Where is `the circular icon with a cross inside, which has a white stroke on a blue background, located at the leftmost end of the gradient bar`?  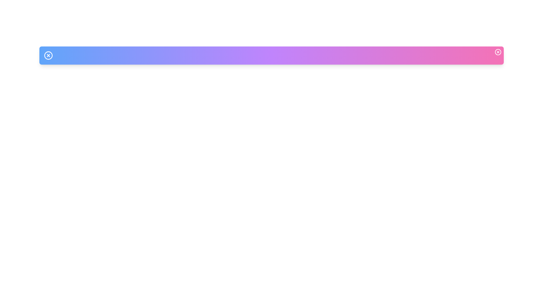 the circular icon with a cross inside, which has a white stroke on a blue background, located at the leftmost end of the gradient bar is located at coordinates (48, 56).